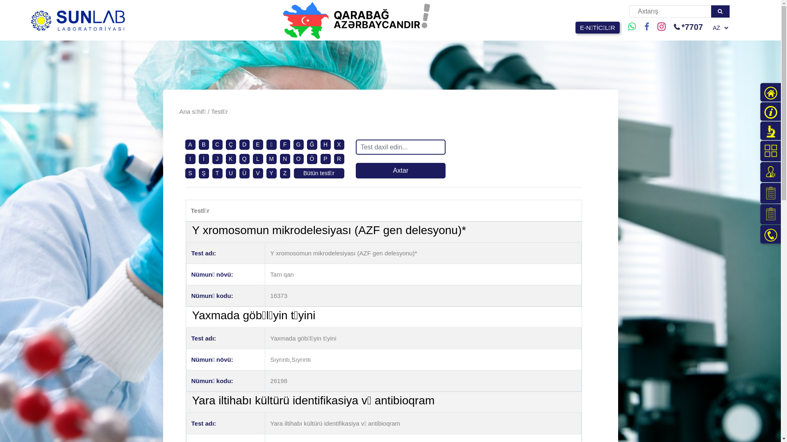 The image size is (787, 442). I want to click on 'Axtar', so click(400, 170).